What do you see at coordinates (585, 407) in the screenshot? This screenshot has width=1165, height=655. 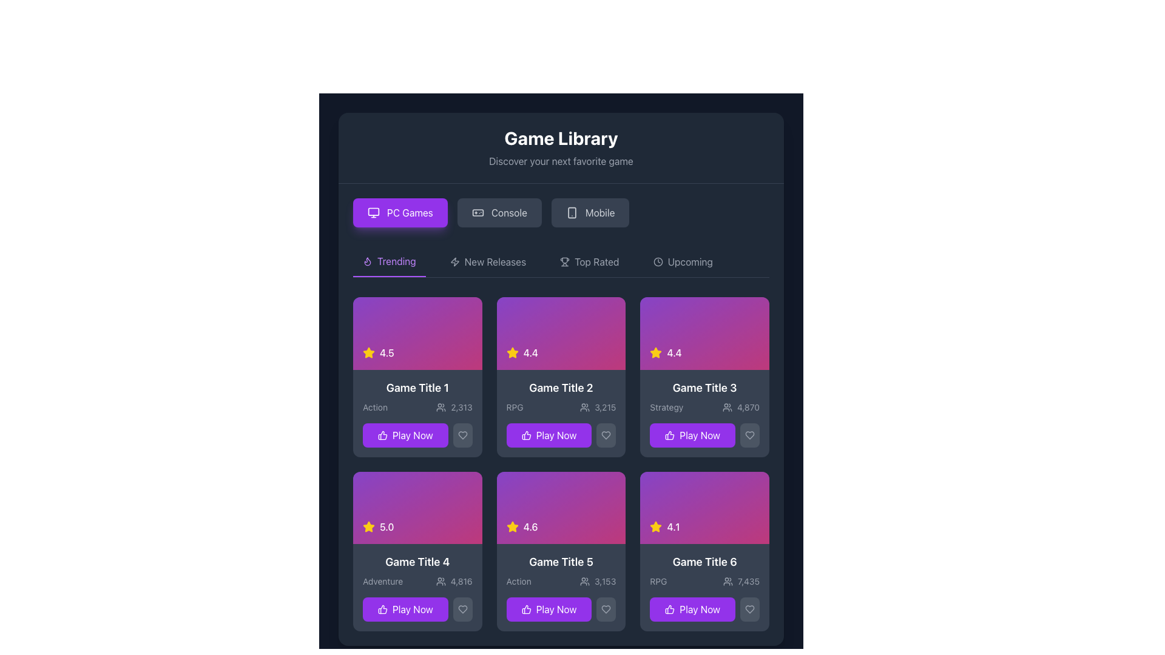 I see `the small gray user icon located to the left of the numerical label '3,215' in the second card of the top row in the game listing section below 'Game Title 2'` at bounding box center [585, 407].